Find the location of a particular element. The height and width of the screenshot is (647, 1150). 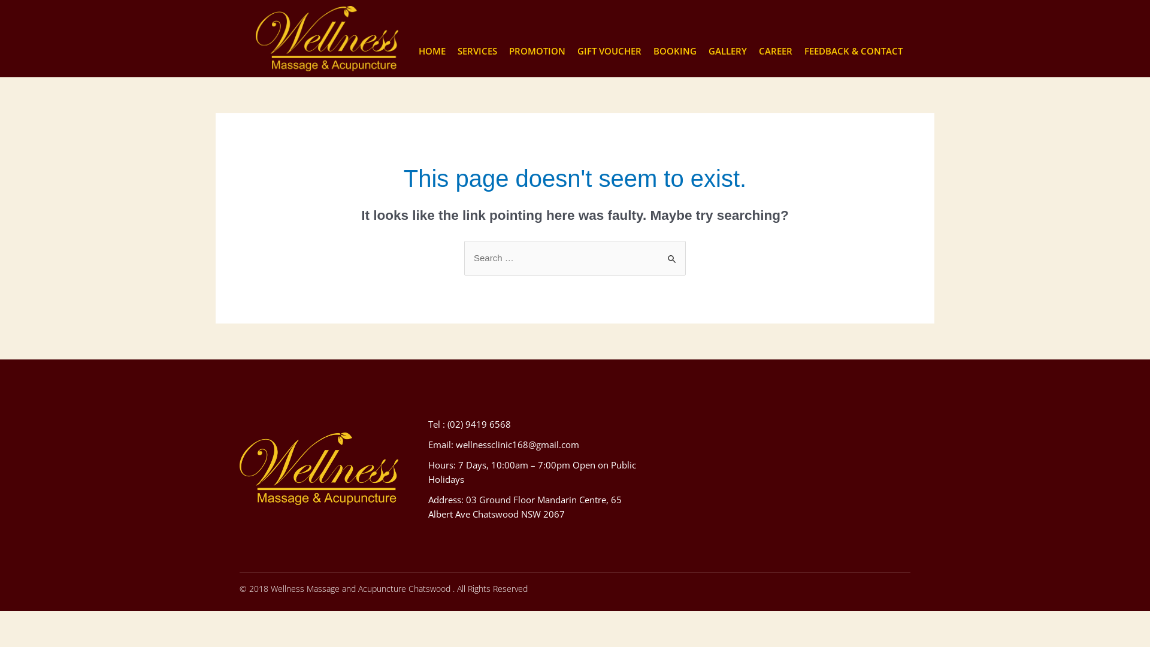

'CAREER' is located at coordinates (775, 50).